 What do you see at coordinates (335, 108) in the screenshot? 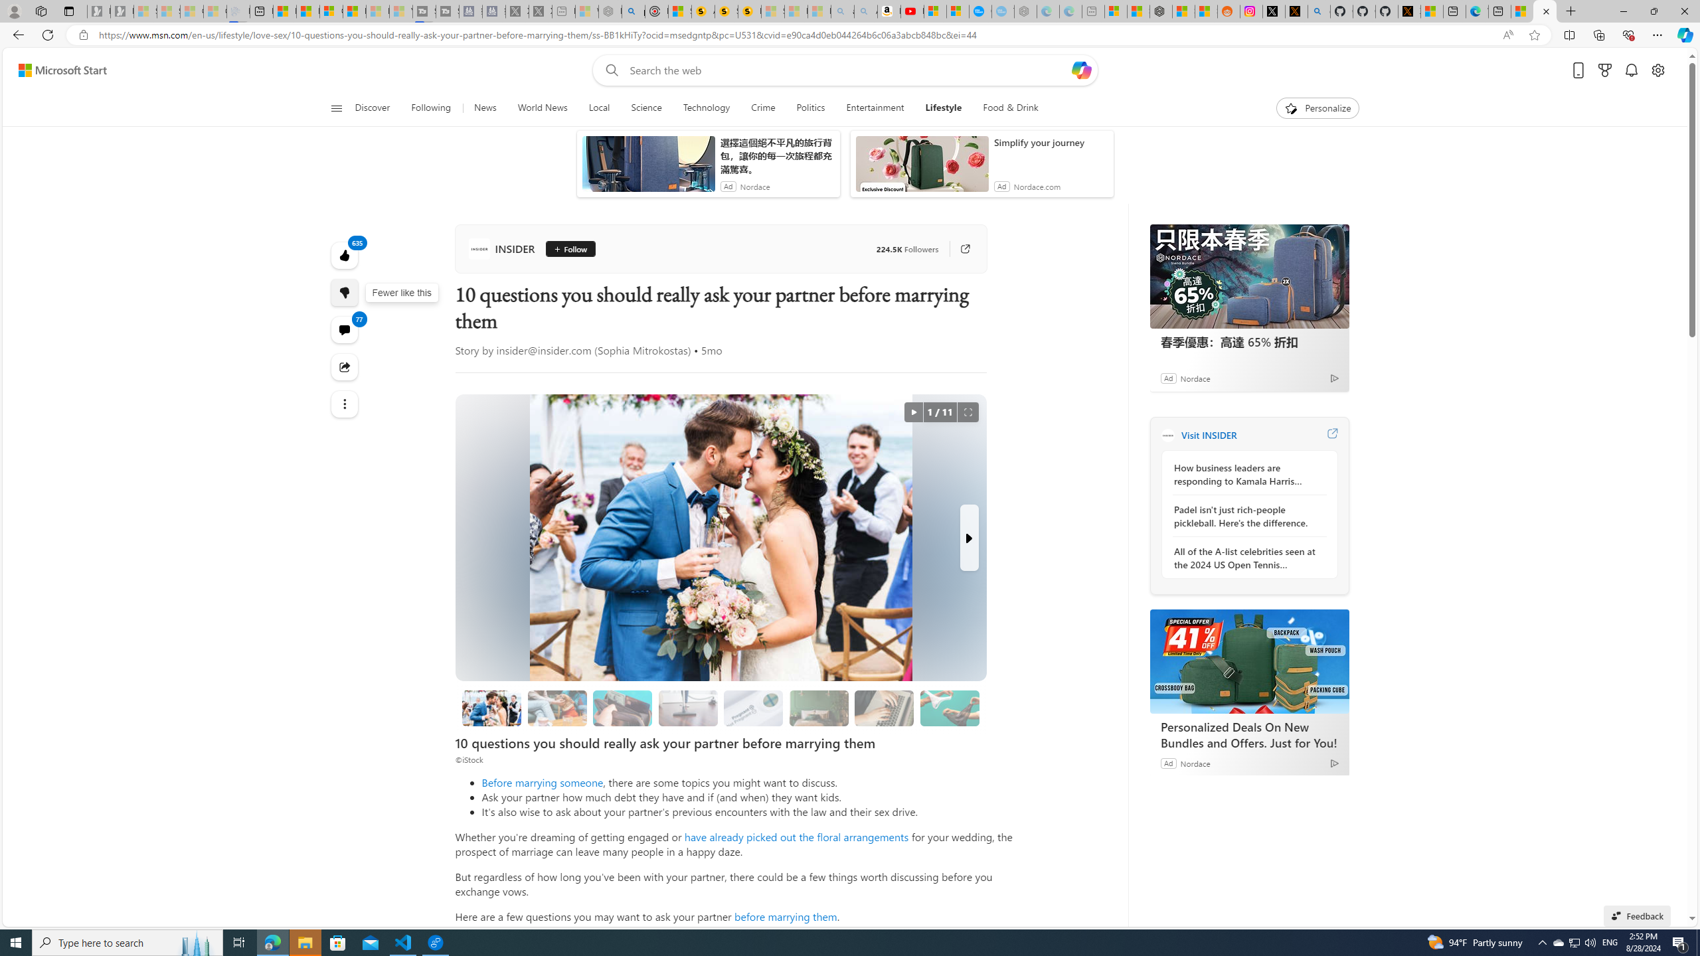
I see `'Class: button-glyph'` at bounding box center [335, 108].